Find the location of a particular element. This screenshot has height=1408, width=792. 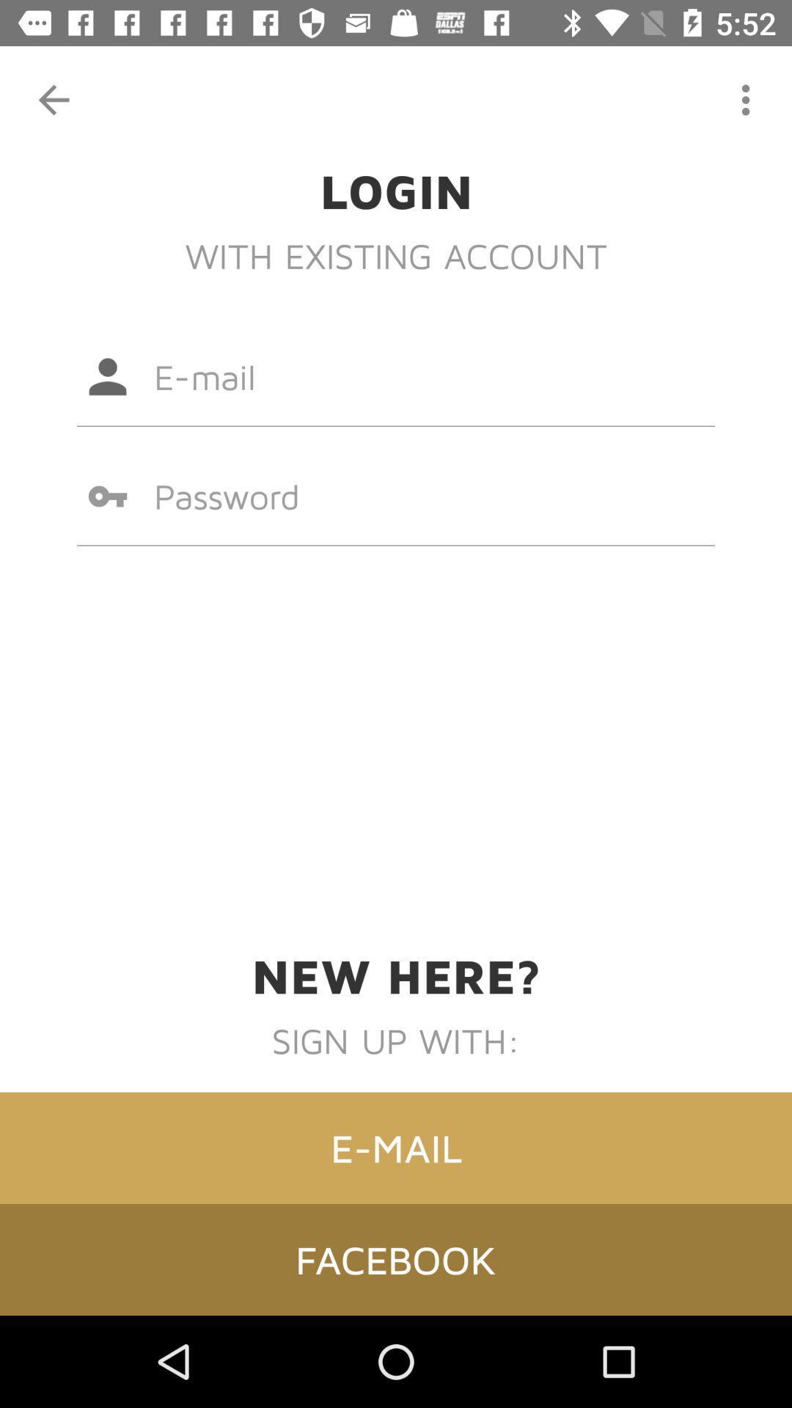

item below the e-mail is located at coordinates (396, 1258).